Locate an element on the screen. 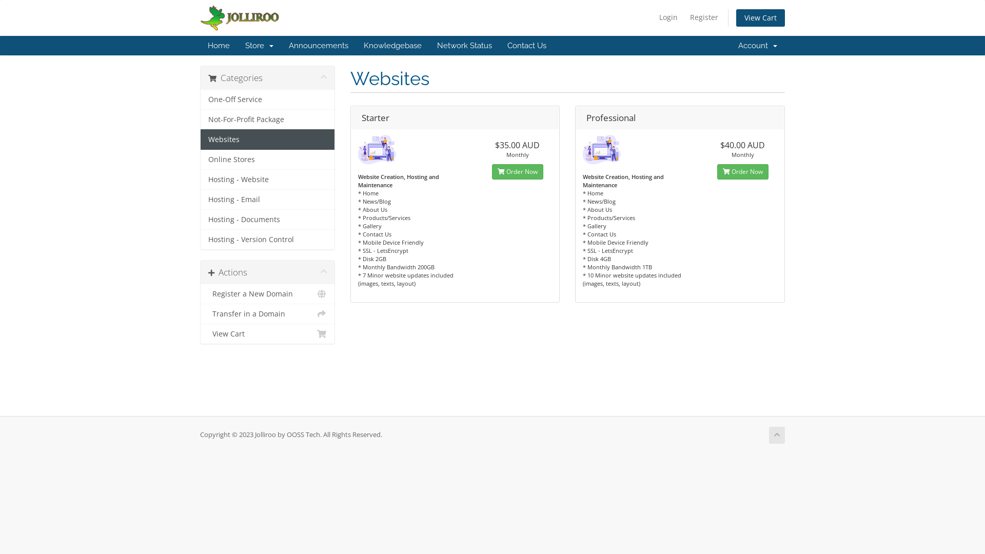  'Hosting - Email' is located at coordinates (267, 200).